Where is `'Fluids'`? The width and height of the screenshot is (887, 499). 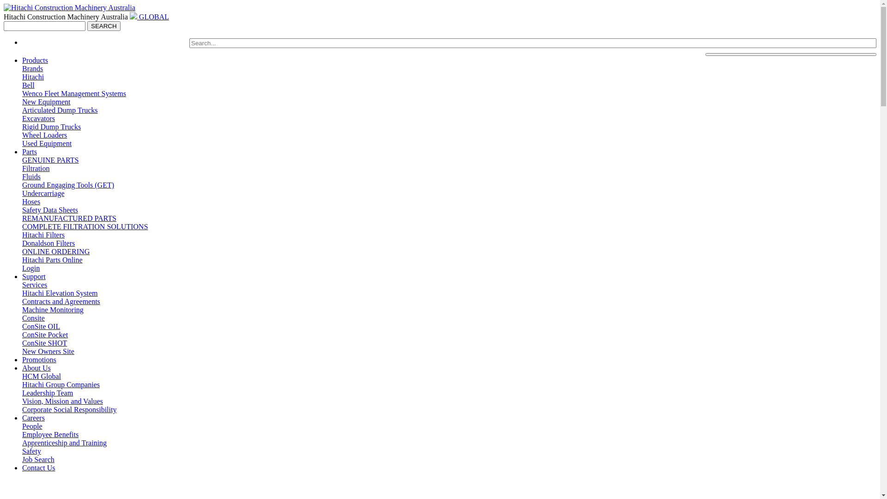 'Fluids' is located at coordinates (31, 176).